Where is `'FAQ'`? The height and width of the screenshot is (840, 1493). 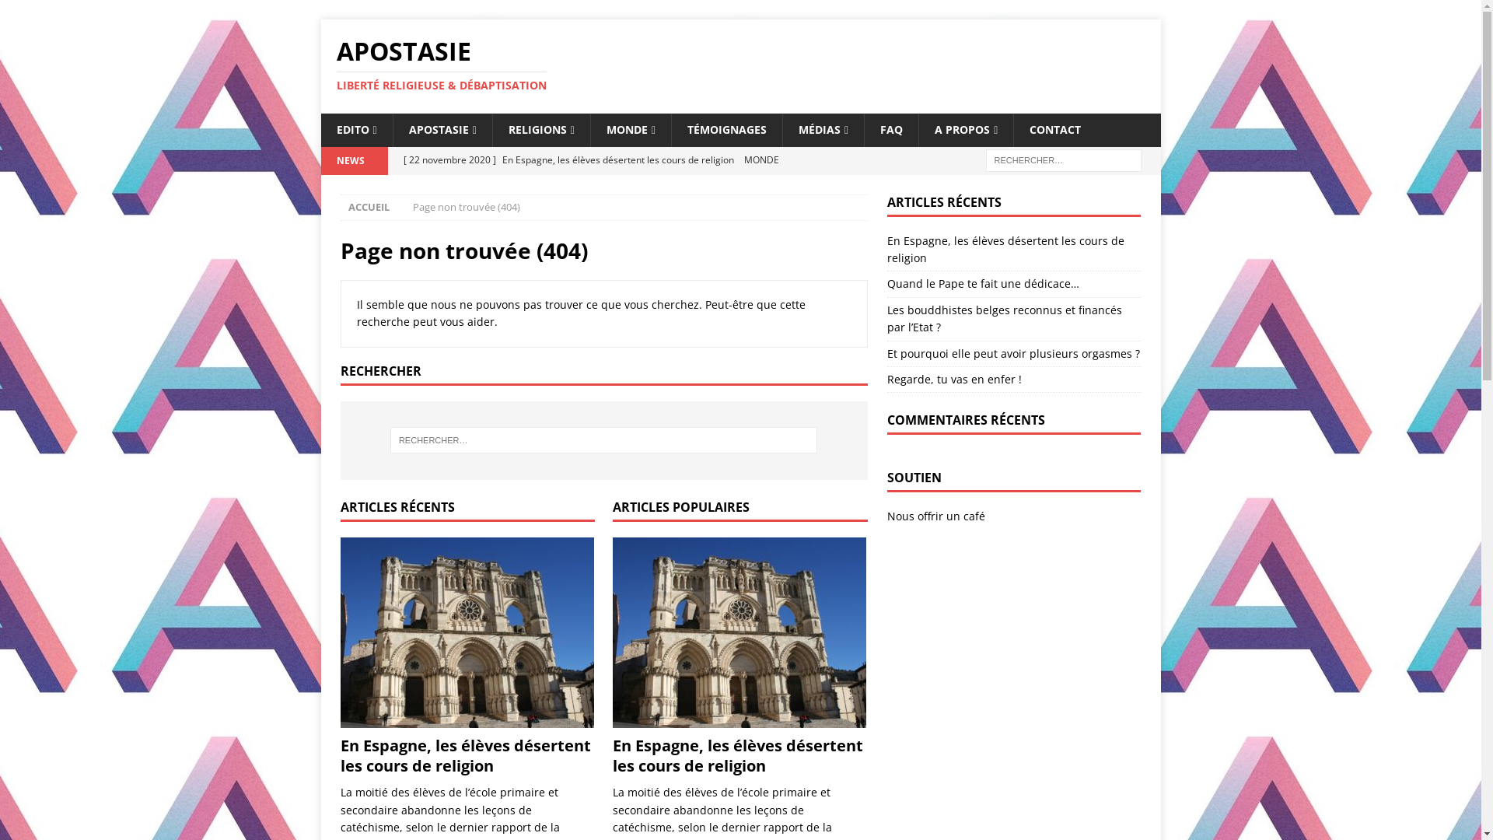 'FAQ' is located at coordinates (862, 128).